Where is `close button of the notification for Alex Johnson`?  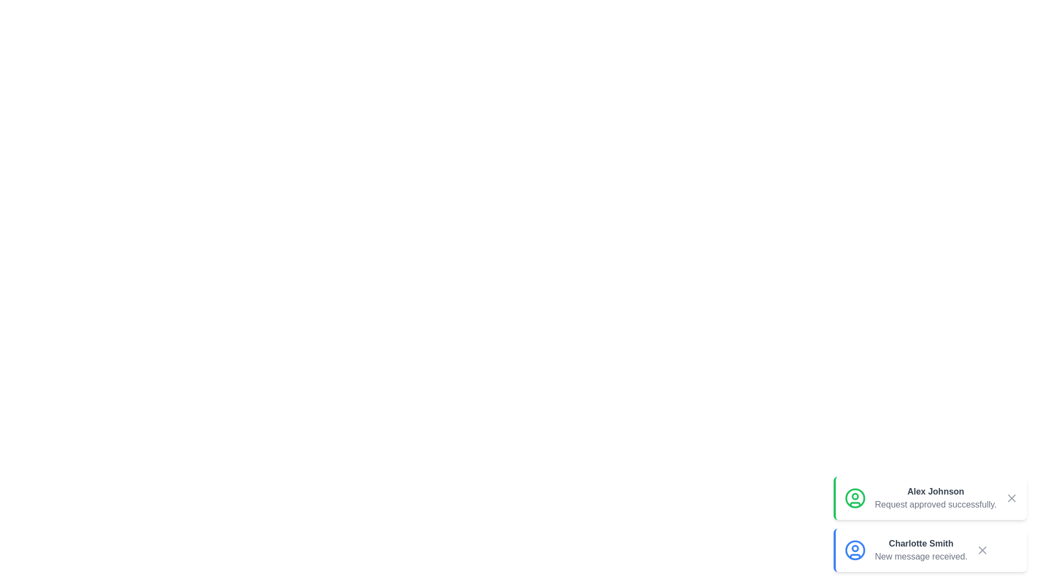
close button of the notification for Alex Johnson is located at coordinates (1011, 498).